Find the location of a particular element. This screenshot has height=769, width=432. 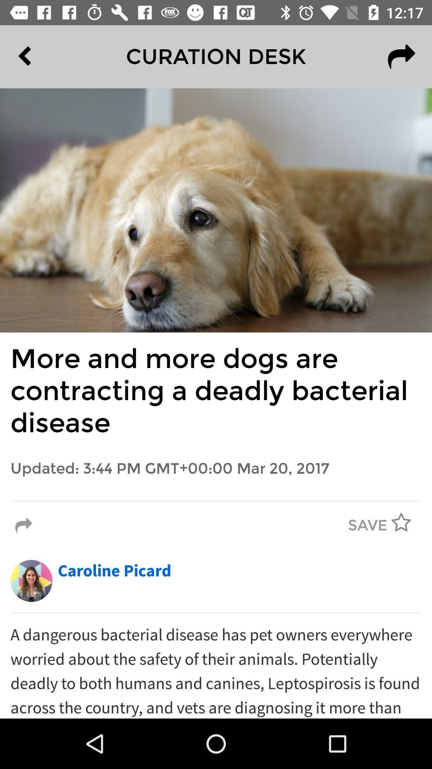

the redo icon is located at coordinates (401, 56).